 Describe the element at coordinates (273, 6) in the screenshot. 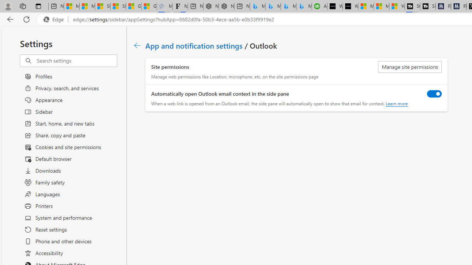

I see `'Microsoft Bing Travel - Stays in Bangkok, Bangkok, Thailand'` at that location.